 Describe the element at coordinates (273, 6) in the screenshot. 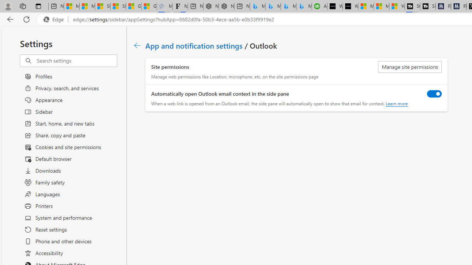

I see `'Microsoft Bing Travel - Stays in Bangkok, Bangkok, Thailand'` at that location.